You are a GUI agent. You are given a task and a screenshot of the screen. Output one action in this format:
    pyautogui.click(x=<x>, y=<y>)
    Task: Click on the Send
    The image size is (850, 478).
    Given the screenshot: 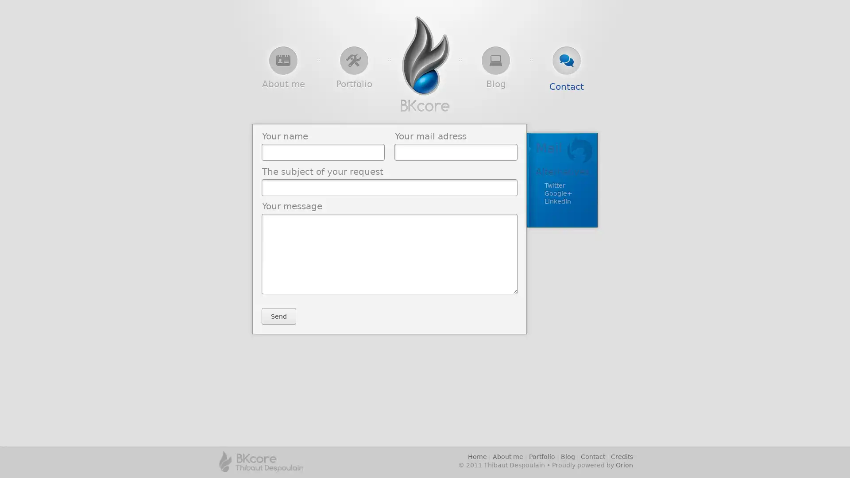 What is the action you would take?
    pyautogui.click(x=278, y=316)
    